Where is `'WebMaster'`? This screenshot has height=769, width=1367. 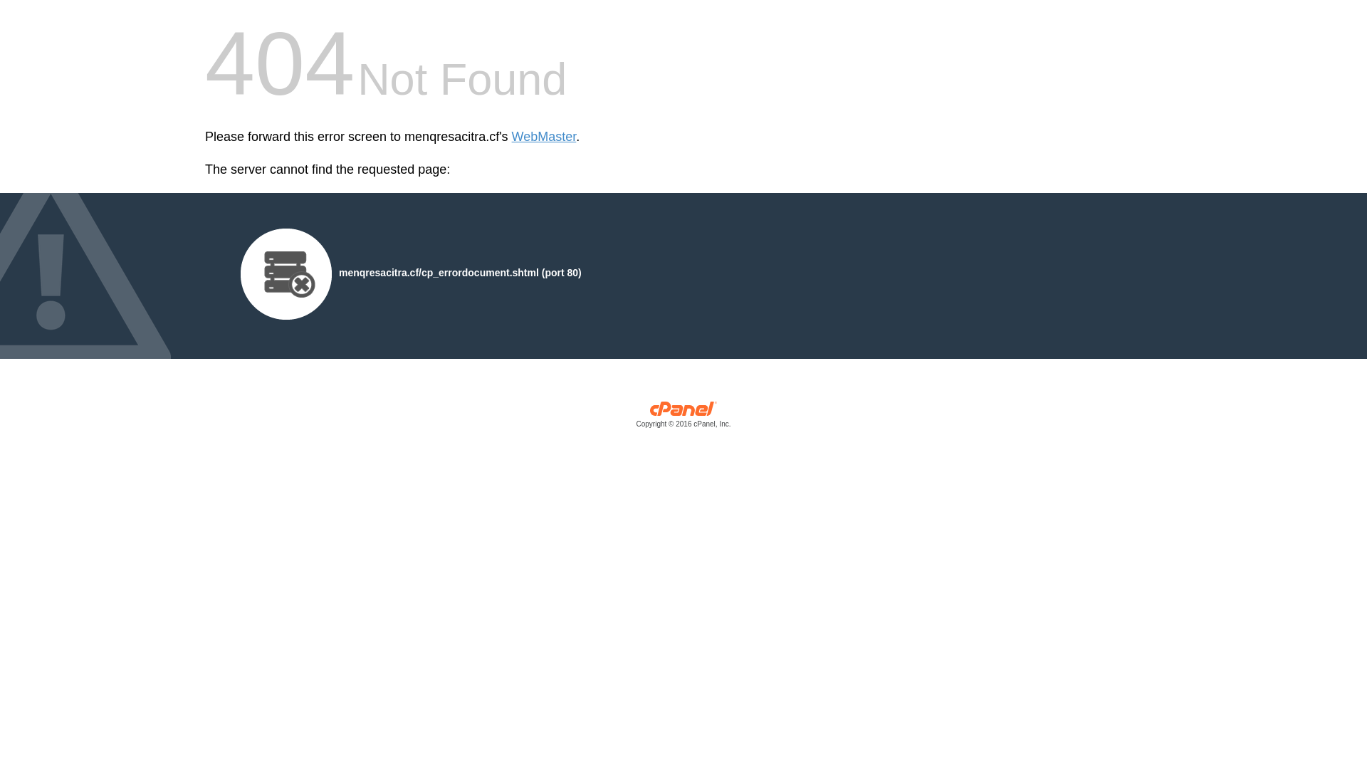
'WebMaster' is located at coordinates (543, 137).